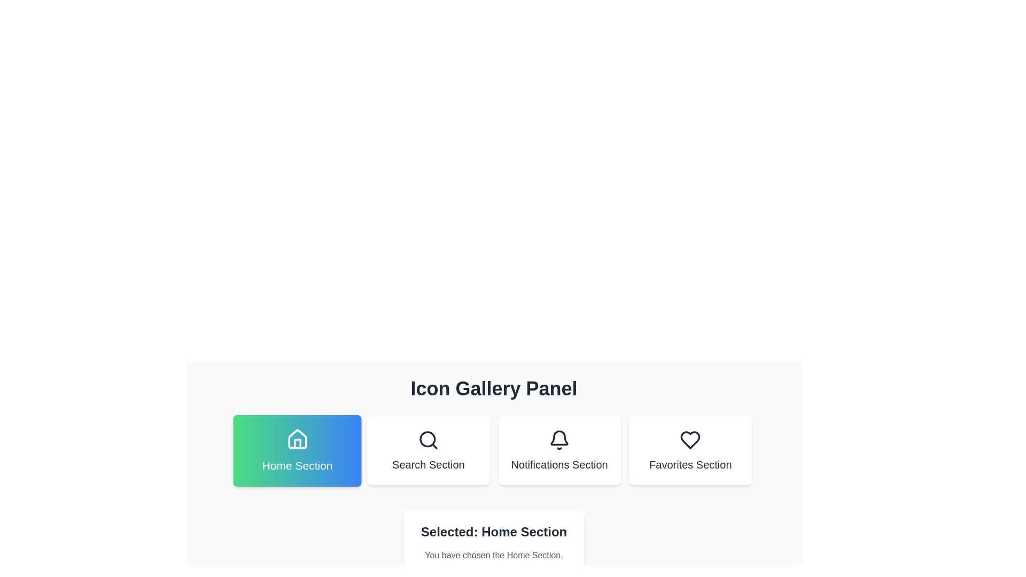  Describe the element at coordinates (428, 440) in the screenshot. I see `the magnifying glass icon, which is the 'Search Section' button` at that location.